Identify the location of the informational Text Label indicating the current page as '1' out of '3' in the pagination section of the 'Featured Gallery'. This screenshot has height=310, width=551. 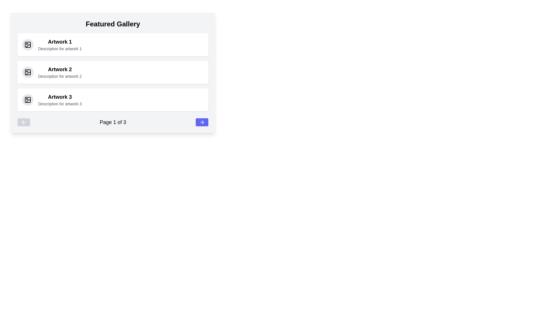
(113, 122).